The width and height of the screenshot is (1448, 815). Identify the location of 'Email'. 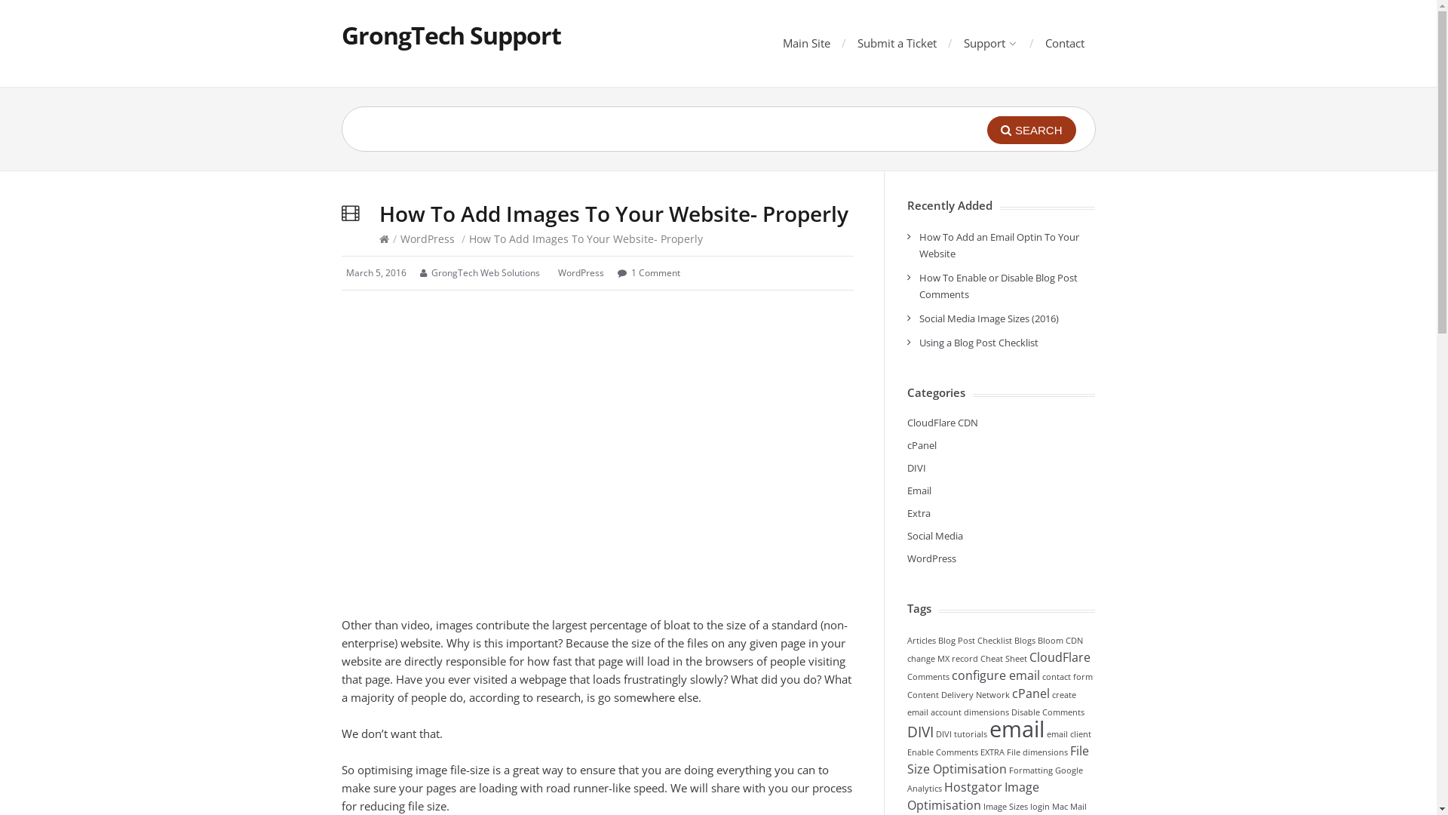
(905, 491).